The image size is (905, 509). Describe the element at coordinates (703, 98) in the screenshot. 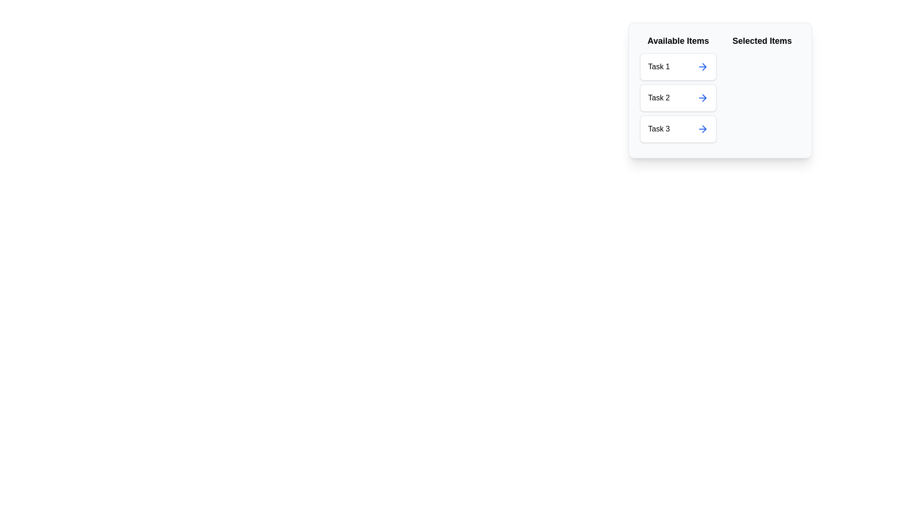

I see `the blue right-facing arrow icon associated with 'Task 2'` at that location.